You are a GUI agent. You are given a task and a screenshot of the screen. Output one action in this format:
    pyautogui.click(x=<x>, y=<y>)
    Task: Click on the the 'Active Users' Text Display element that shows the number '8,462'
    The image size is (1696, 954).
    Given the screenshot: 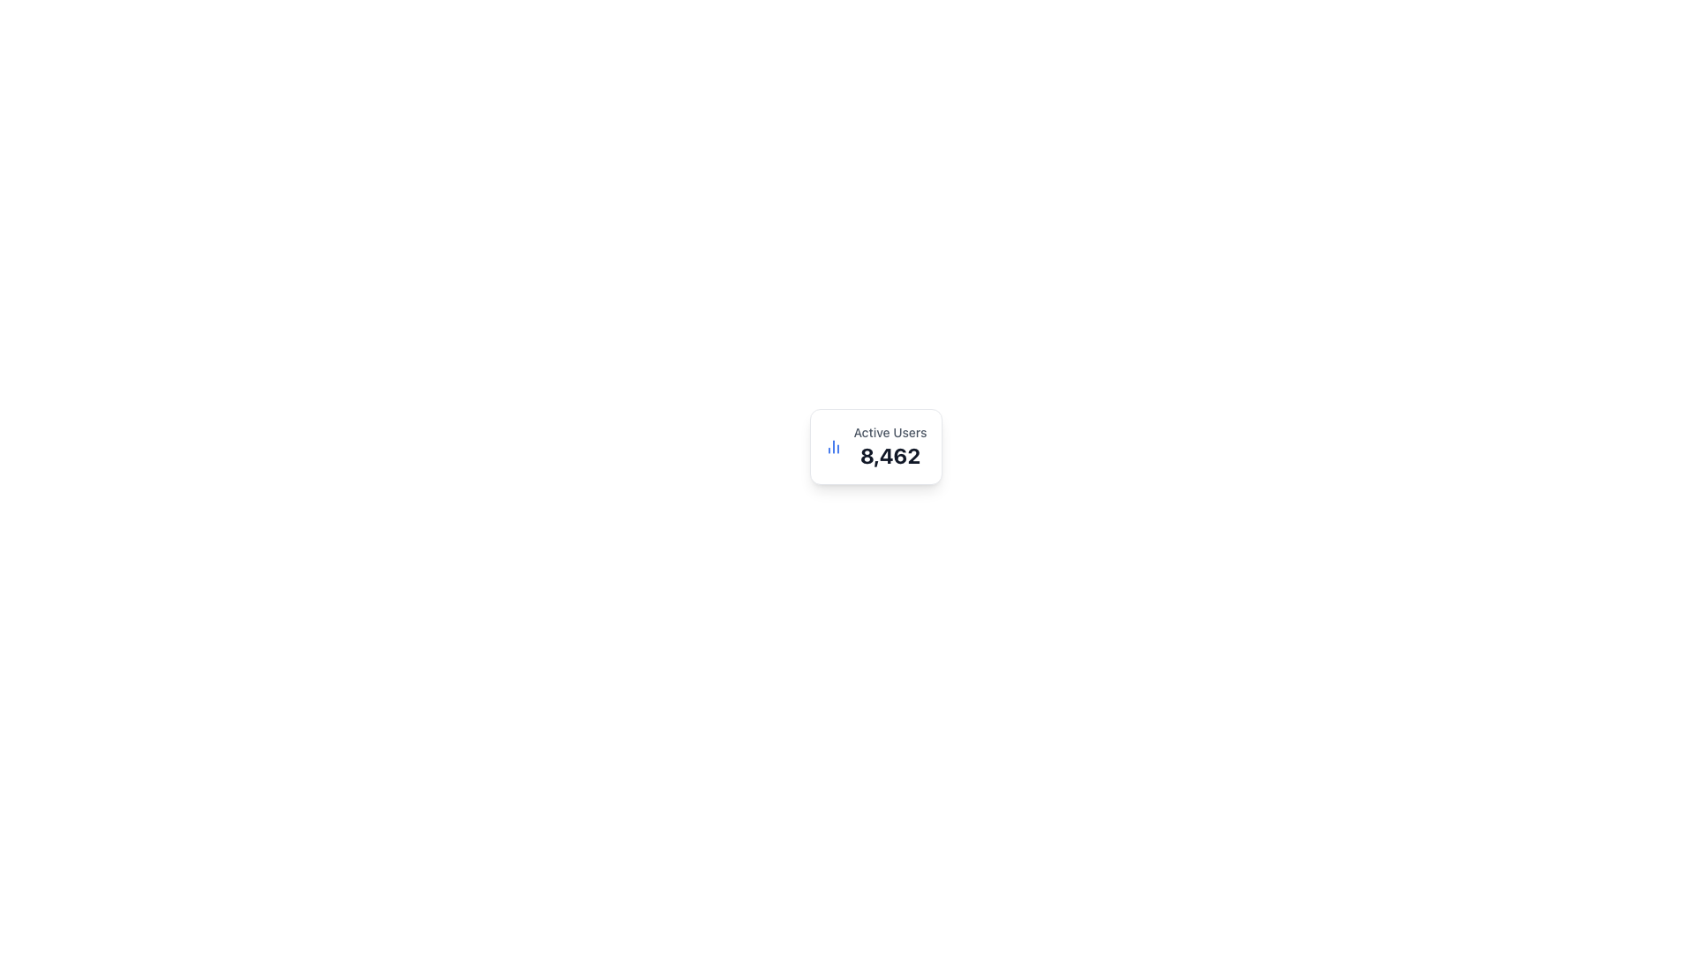 What is the action you would take?
    pyautogui.click(x=890, y=445)
    